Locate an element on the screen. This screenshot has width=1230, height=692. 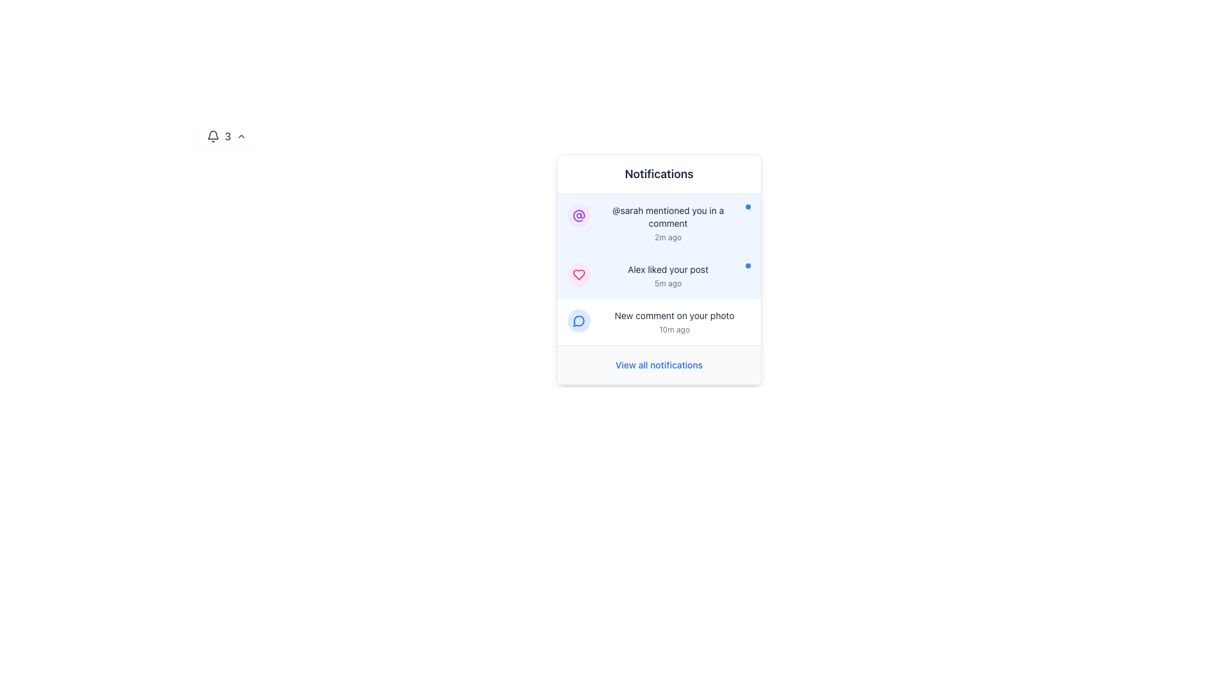
the 'View all notifications' button, which is a rectangular blue text area located at the bottom center of the notifications pop-up section is located at coordinates (659, 365).